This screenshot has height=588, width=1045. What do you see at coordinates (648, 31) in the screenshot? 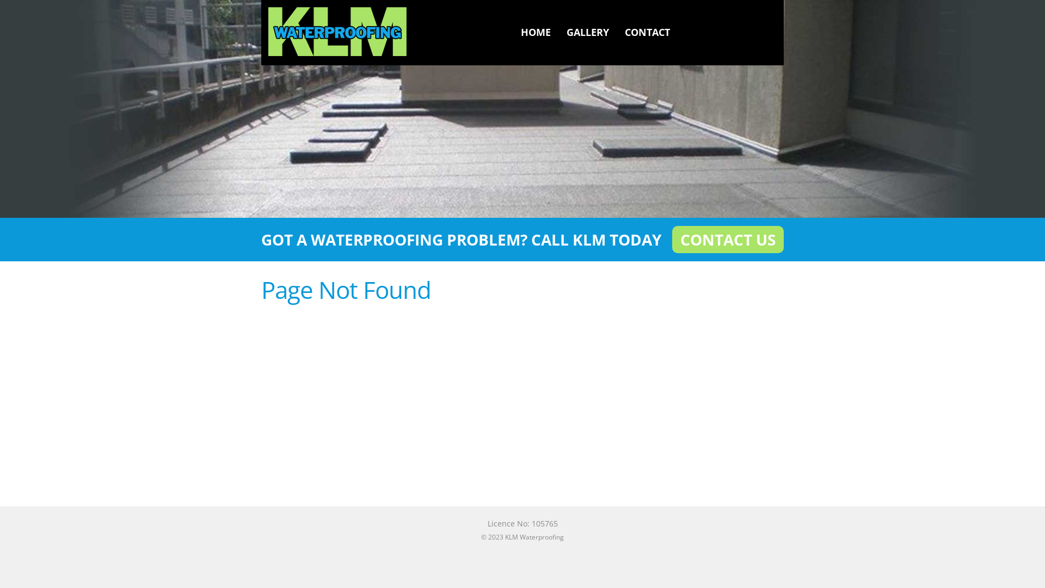
I see `'CONTACT'` at bounding box center [648, 31].